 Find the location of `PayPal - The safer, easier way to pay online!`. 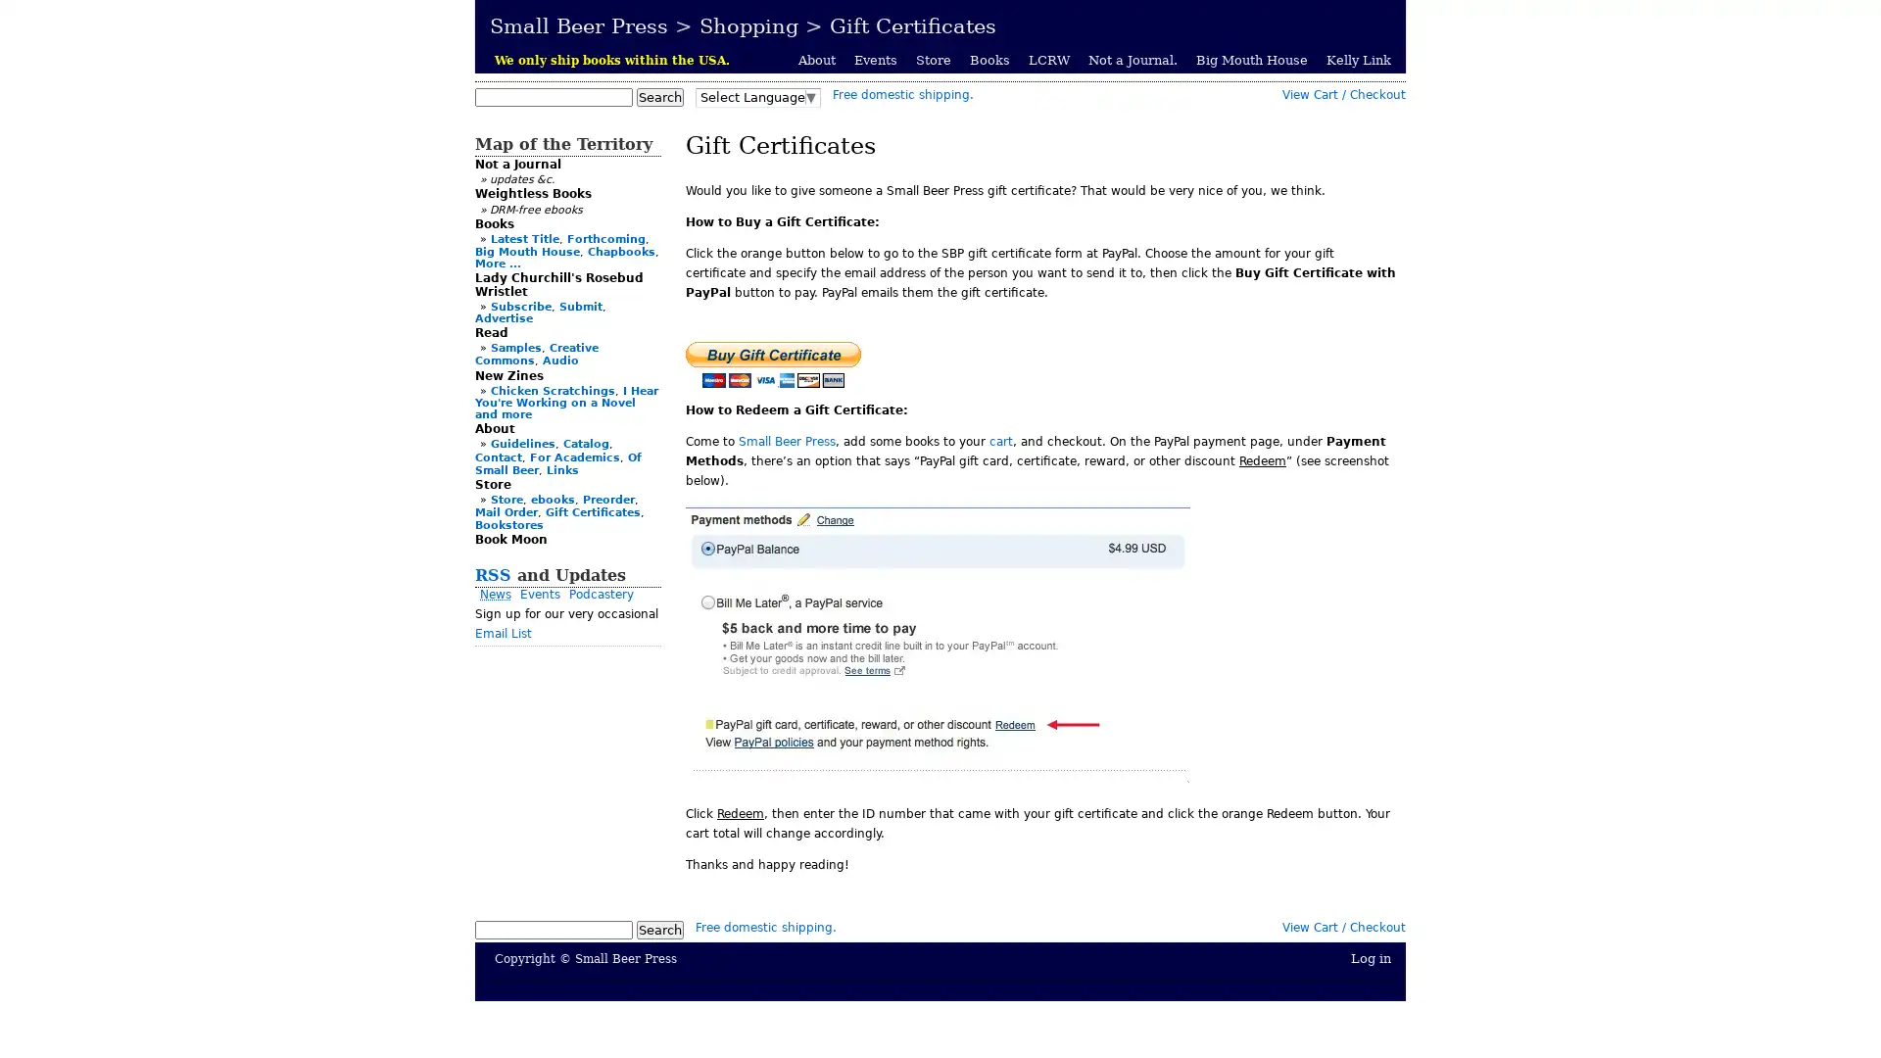

PayPal - The safer, easier way to pay online! is located at coordinates (772, 364).